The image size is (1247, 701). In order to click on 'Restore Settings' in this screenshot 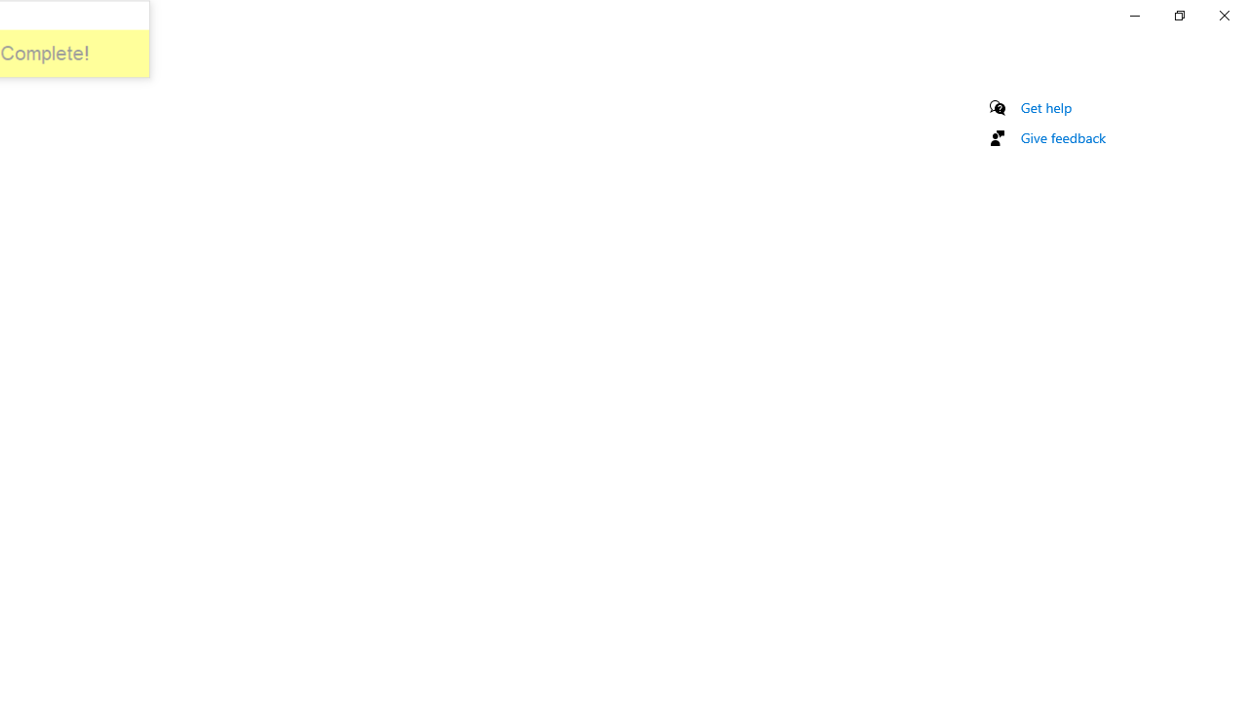, I will do `click(1178, 15)`.